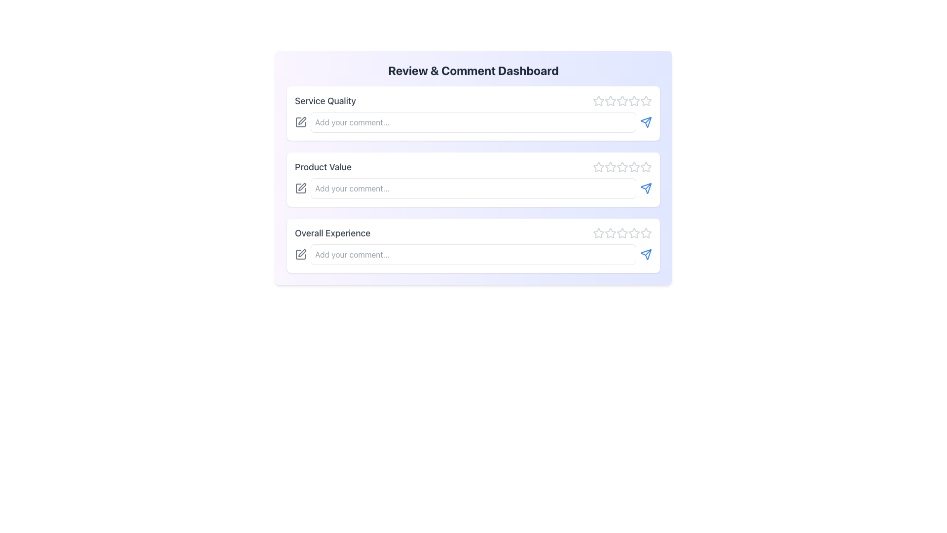 This screenshot has height=533, width=947. I want to click on the second star icon in the 'Service Quality' section of the 'Review & Comment Dashboard' to change the rating, so click(610, 101).